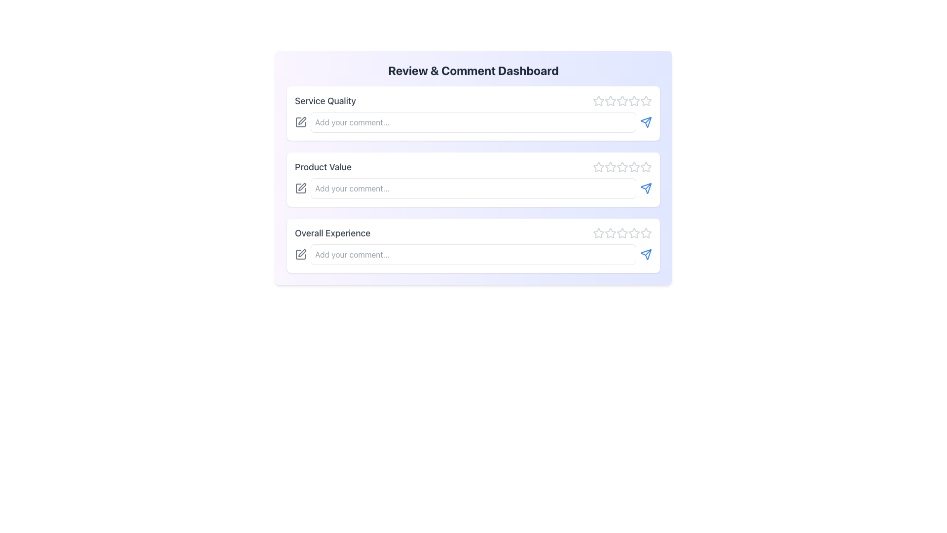 This screenshot has height=533, width=947. I want to click on the second star icon in the 'Service Quality' section of the 'Review & Comment Dashboard' to change the rating, so click(610, 101).